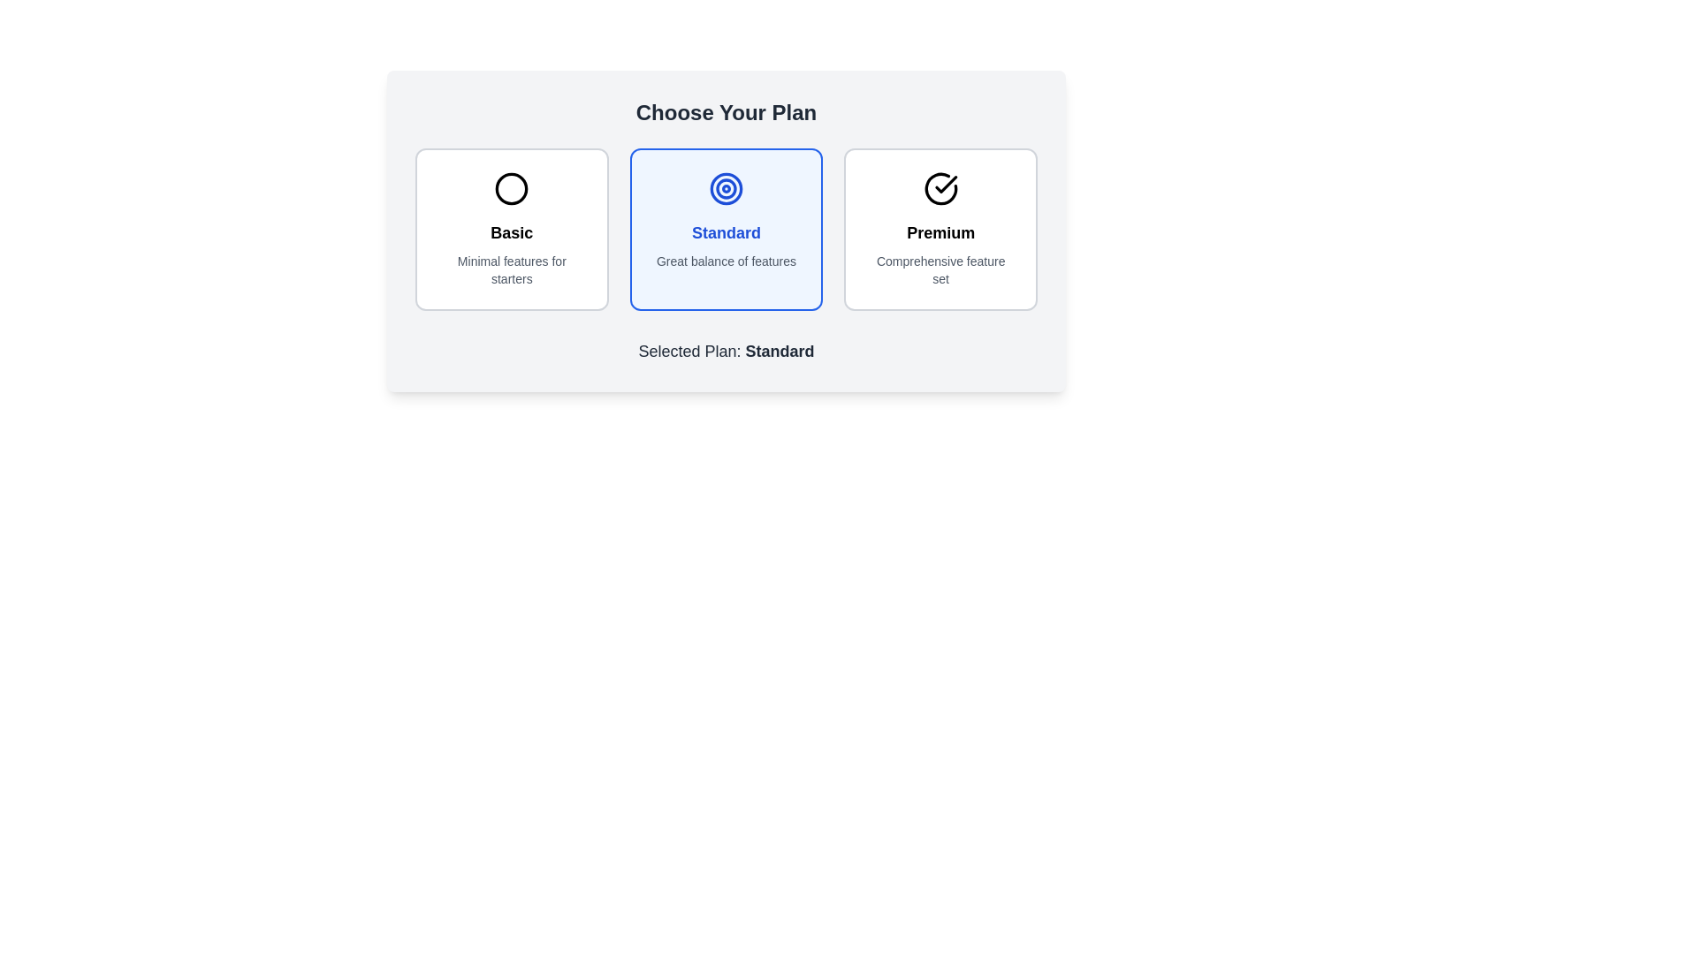 This screenshot has width=1697, height=954. I want to click on the central circular shape of the bullseye icon in the 'Choose Your Plan' section, which is visually represented as part of a target design, so click(726, 188).